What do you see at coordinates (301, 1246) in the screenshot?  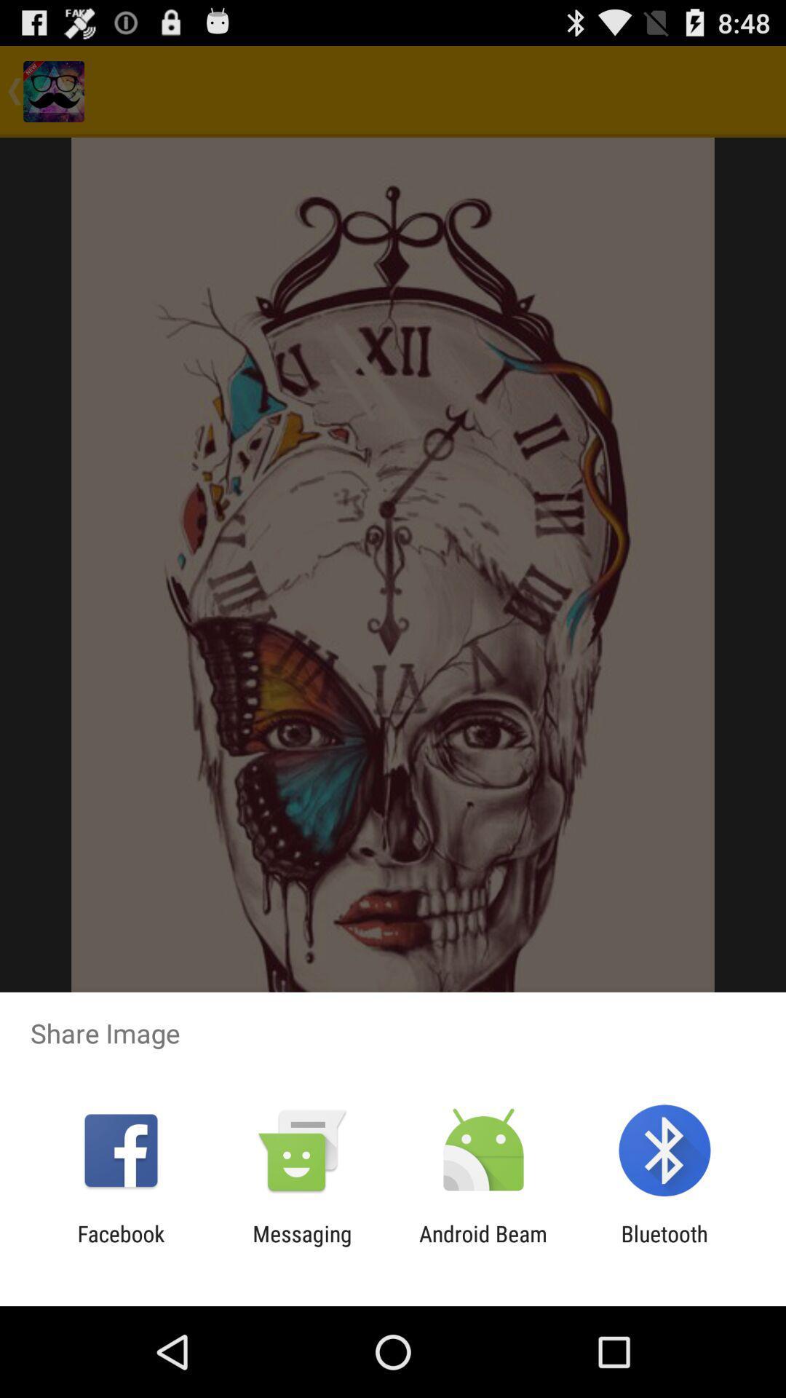 I see `item next to facebook app` at bounding box center [301, 1246].